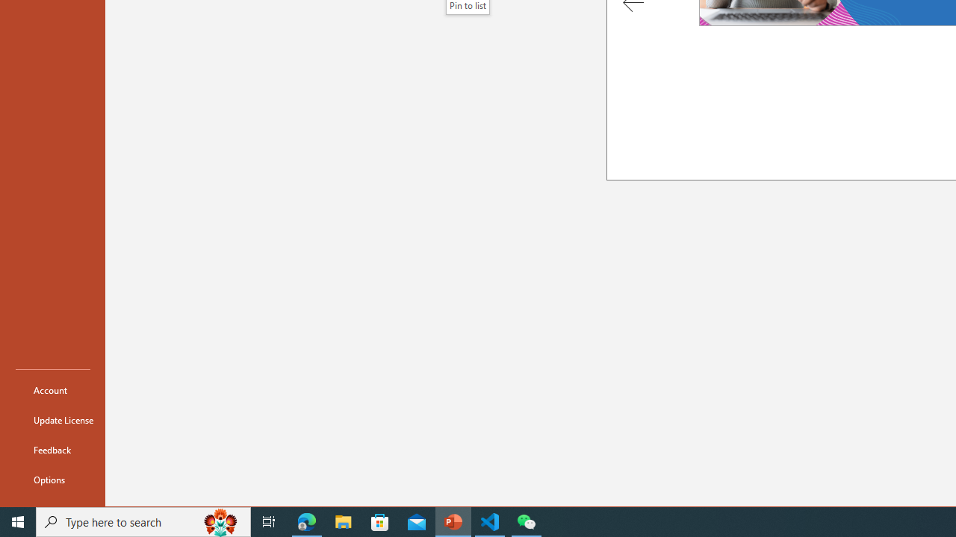  Describe the element at coordinates (53, 420) in the screenshot. I see `'Update License'` at that location.